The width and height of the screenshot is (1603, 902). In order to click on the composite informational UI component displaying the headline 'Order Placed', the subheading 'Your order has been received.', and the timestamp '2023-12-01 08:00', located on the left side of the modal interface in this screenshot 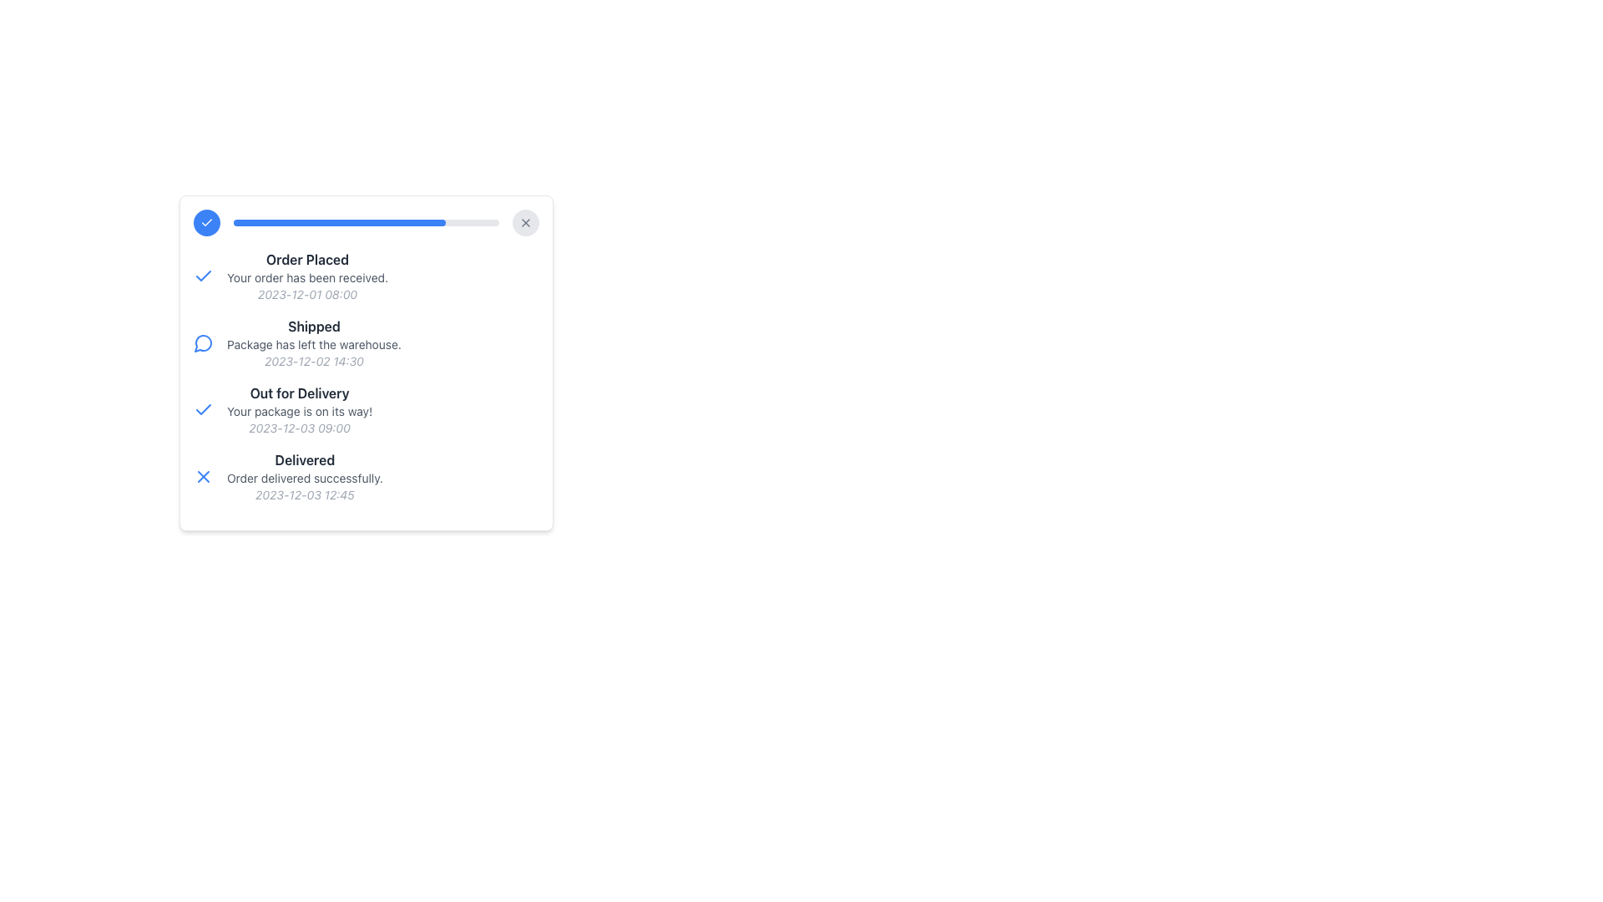, I will do `click(307, 276)`.